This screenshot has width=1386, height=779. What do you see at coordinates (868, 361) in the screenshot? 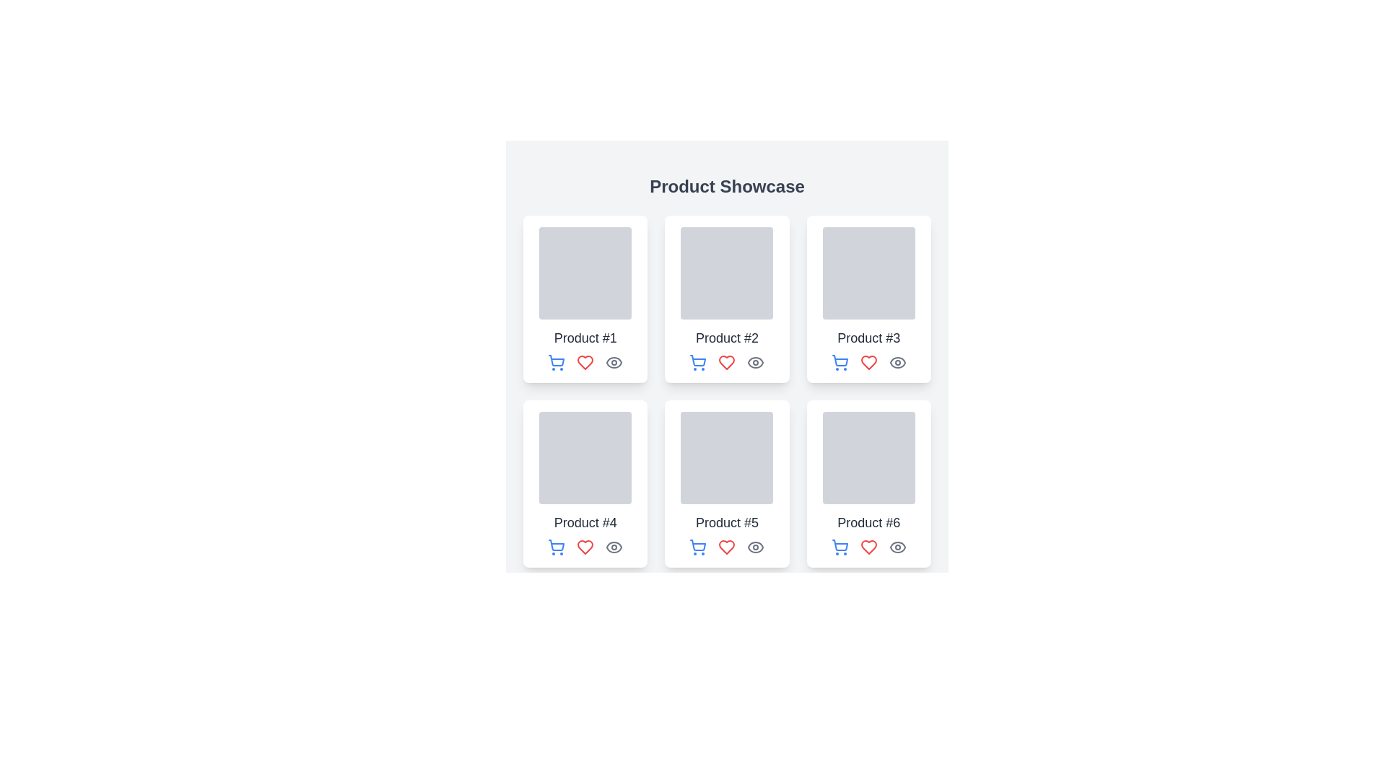
I see `any individual icon in the interactive icon row located below the label 'Product #3' in the card layout` at bounding box center [868, 361].